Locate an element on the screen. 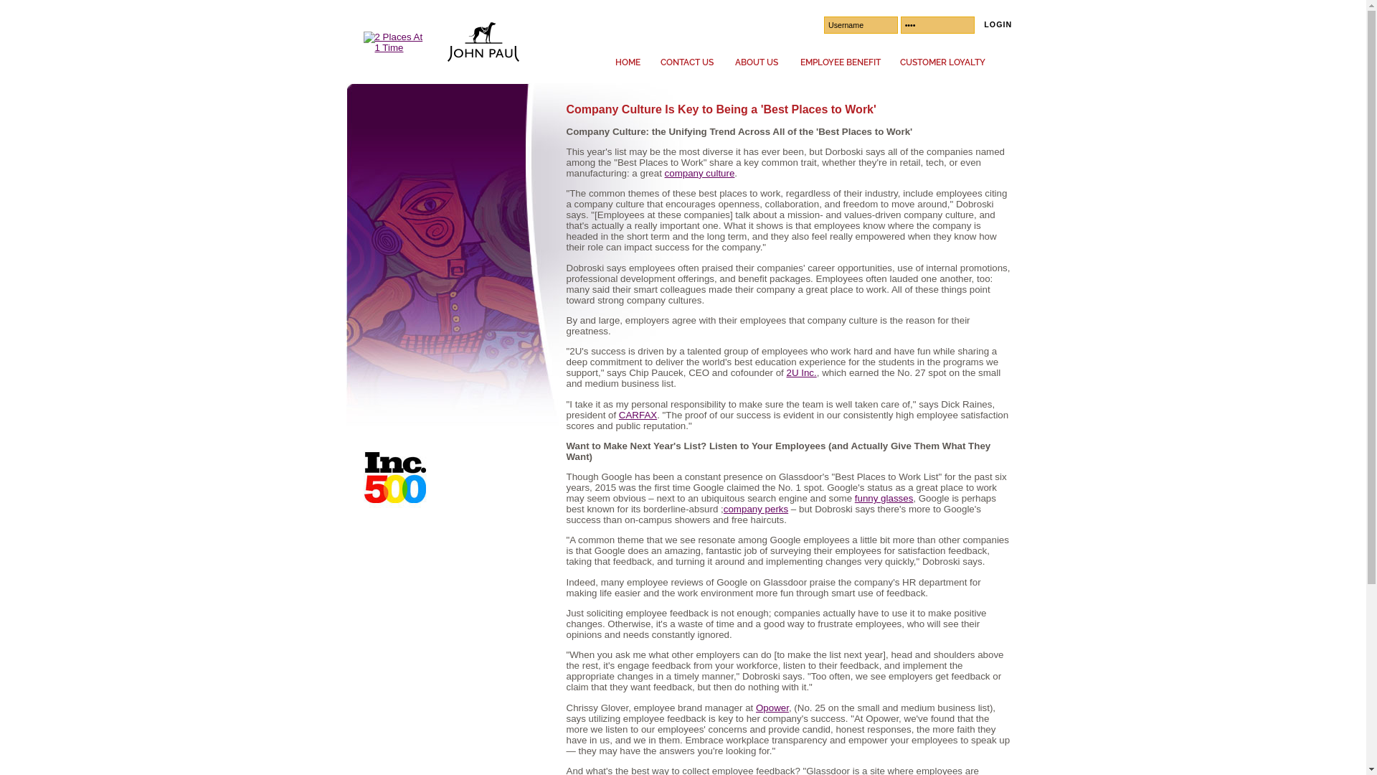  'ABOUT US' is located at coordinates (756, 62).